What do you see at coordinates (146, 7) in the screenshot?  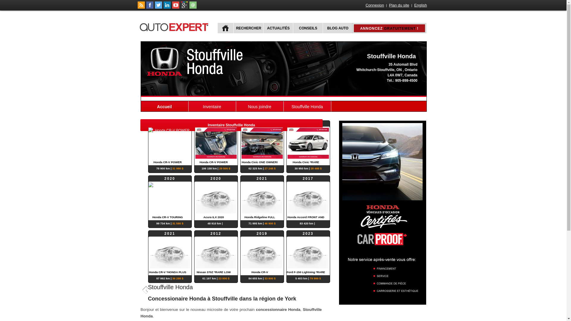 I see `'Suivez autoExpert.ca sur Facebook'` at bounding box center [146, 7].